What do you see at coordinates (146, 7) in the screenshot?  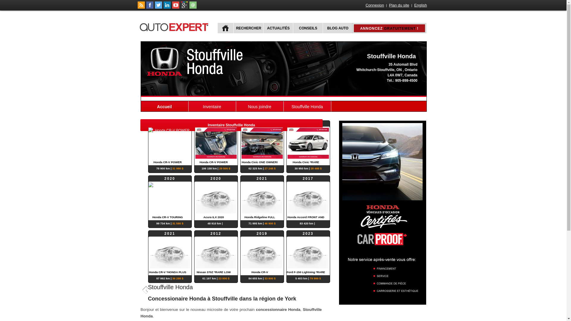 I see `'Suivez autoExpert.ca sur Facebook'` at bounding box center [146, 7].